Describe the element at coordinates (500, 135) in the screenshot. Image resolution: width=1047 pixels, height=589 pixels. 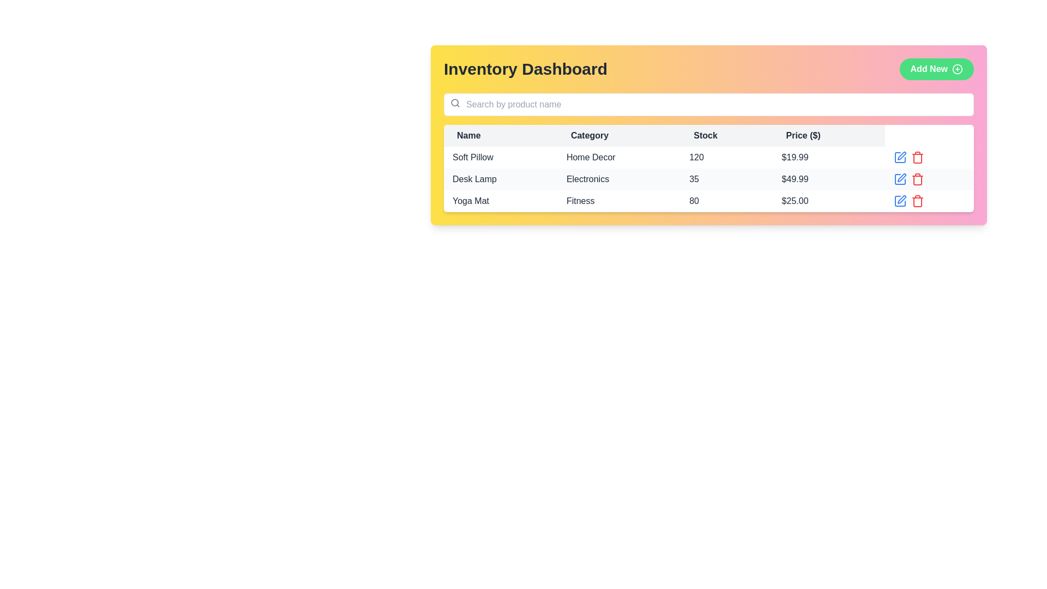
I see `the label that serves as the header for the first column of the data table, which is located above the 'Name' column` at that location.